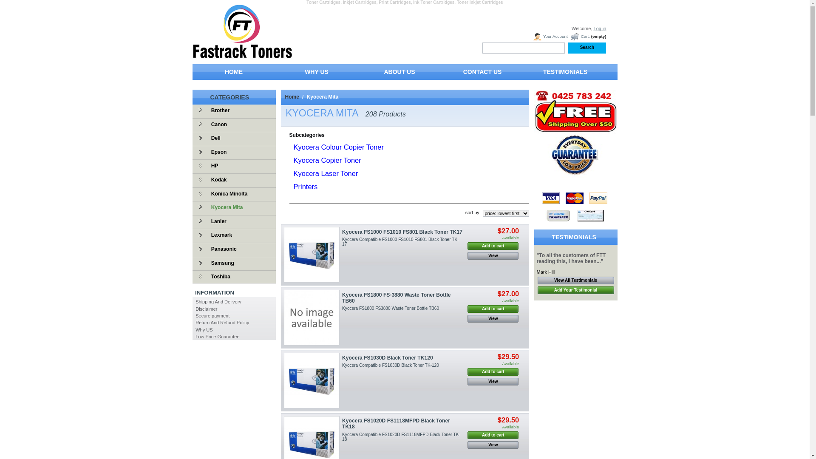 The height and width of the screenshot is (459, 816). Describe the element at coordinates (195, 301) in the screenshot. I see `'Shipping And Delivery'` at that location.